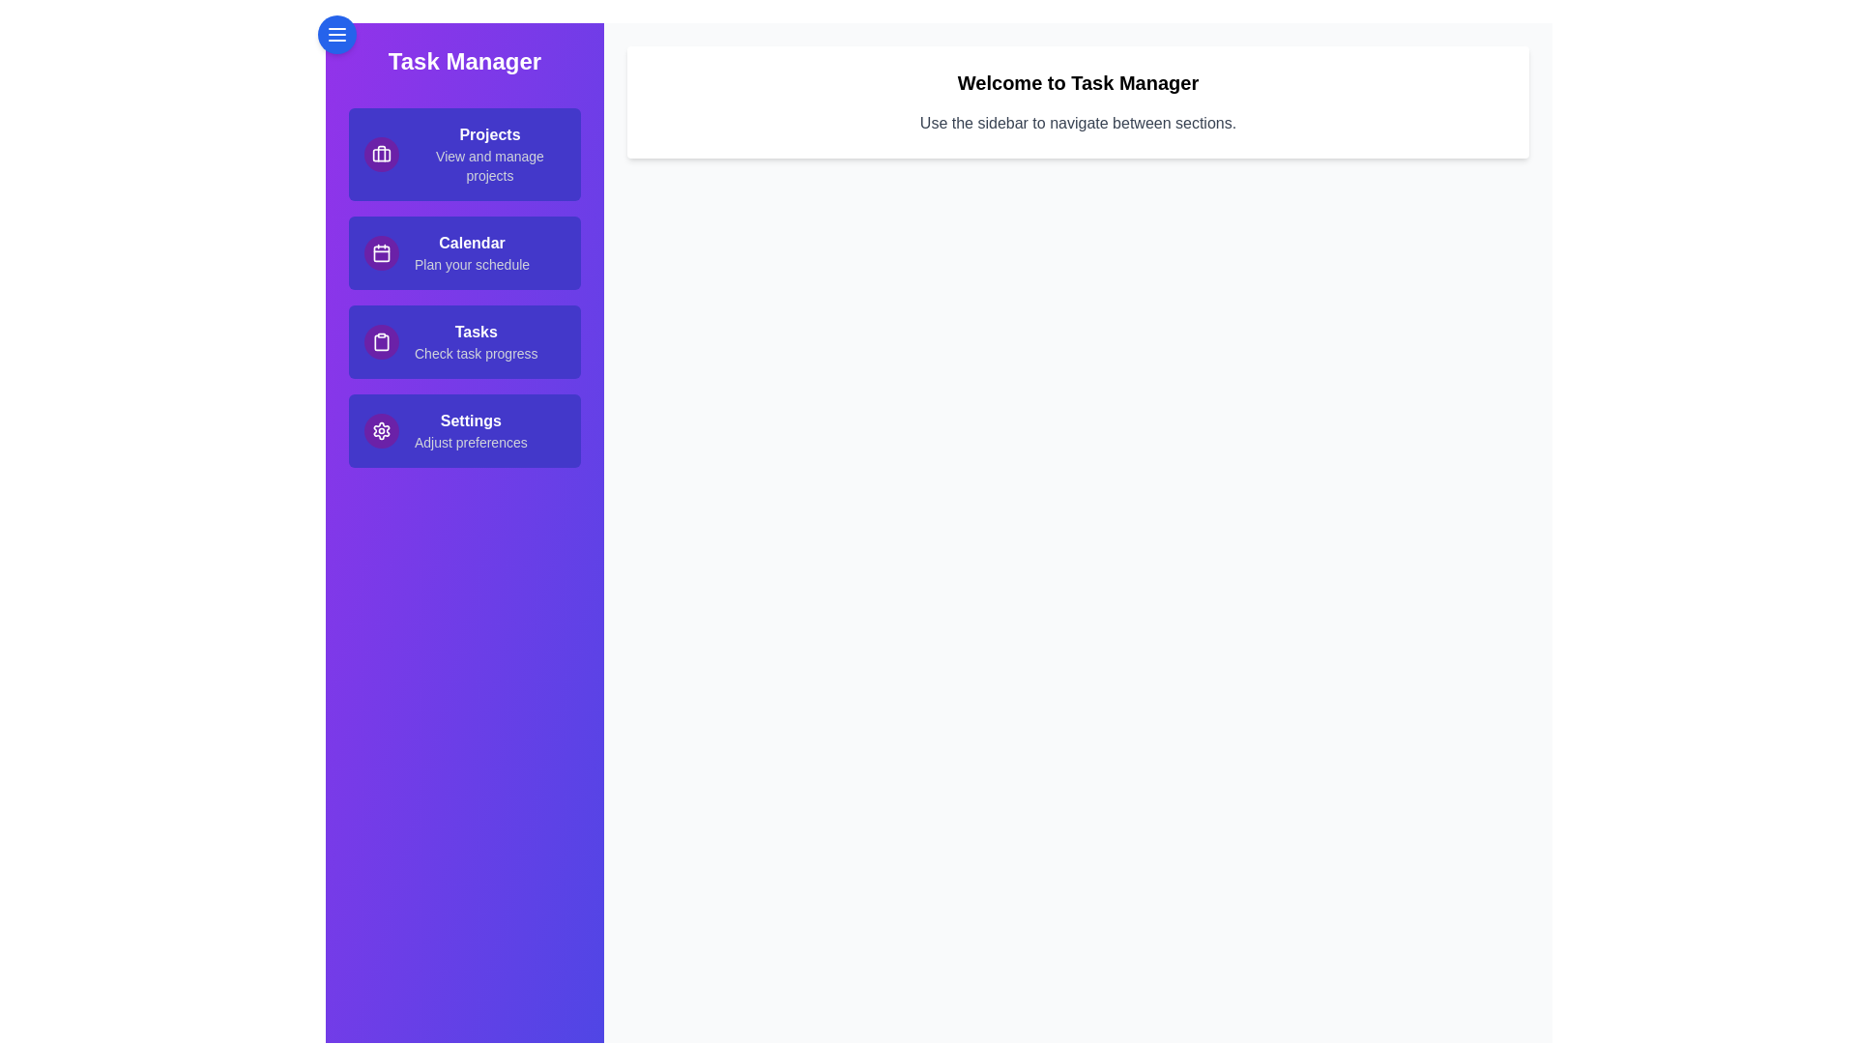 The image size is (1856, 1044). I want to click on toggle button located at the top-left corner of the interface to toggle the drawer's visibility, so click(337, 34).